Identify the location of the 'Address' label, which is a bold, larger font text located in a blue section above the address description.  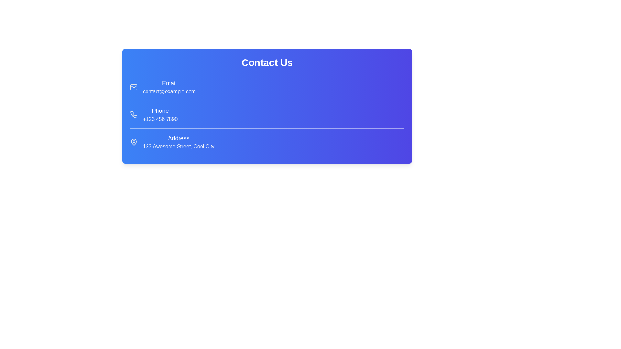
(179, 138).